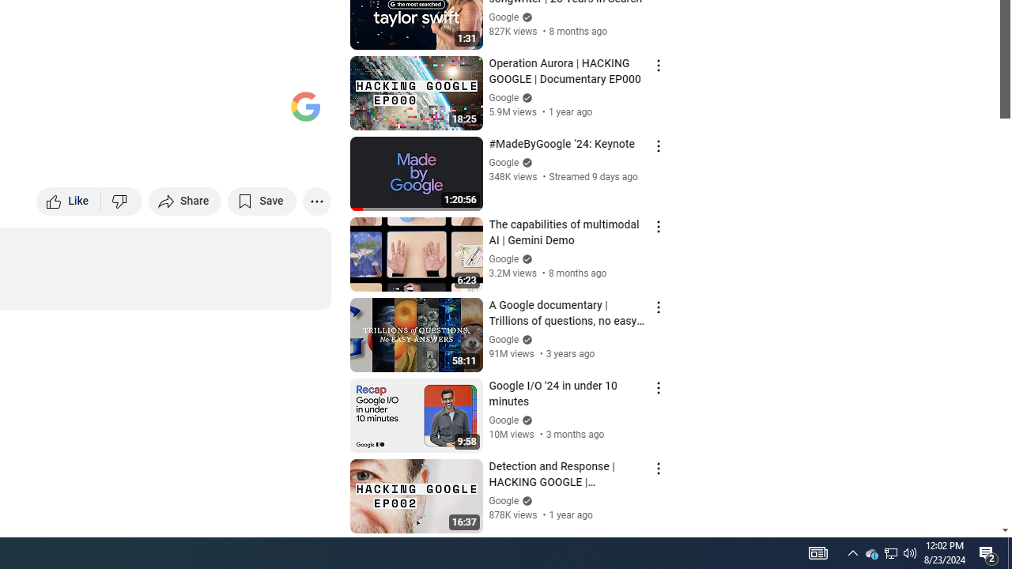 The height and width of the screenshot is (569, 1012). I want to click on 'Miniplayer (i)', so click(225, 111).